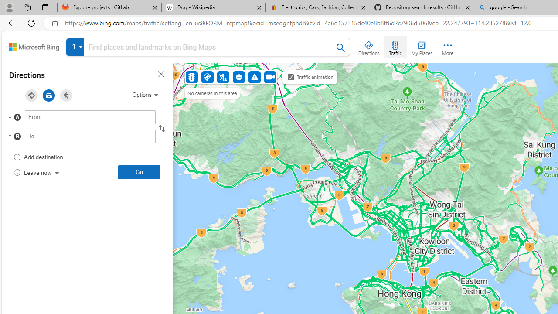  What do you see at coordinates (369, 46) in the screenshot?
I see `'Directions'` at bounding box center [369, 46].